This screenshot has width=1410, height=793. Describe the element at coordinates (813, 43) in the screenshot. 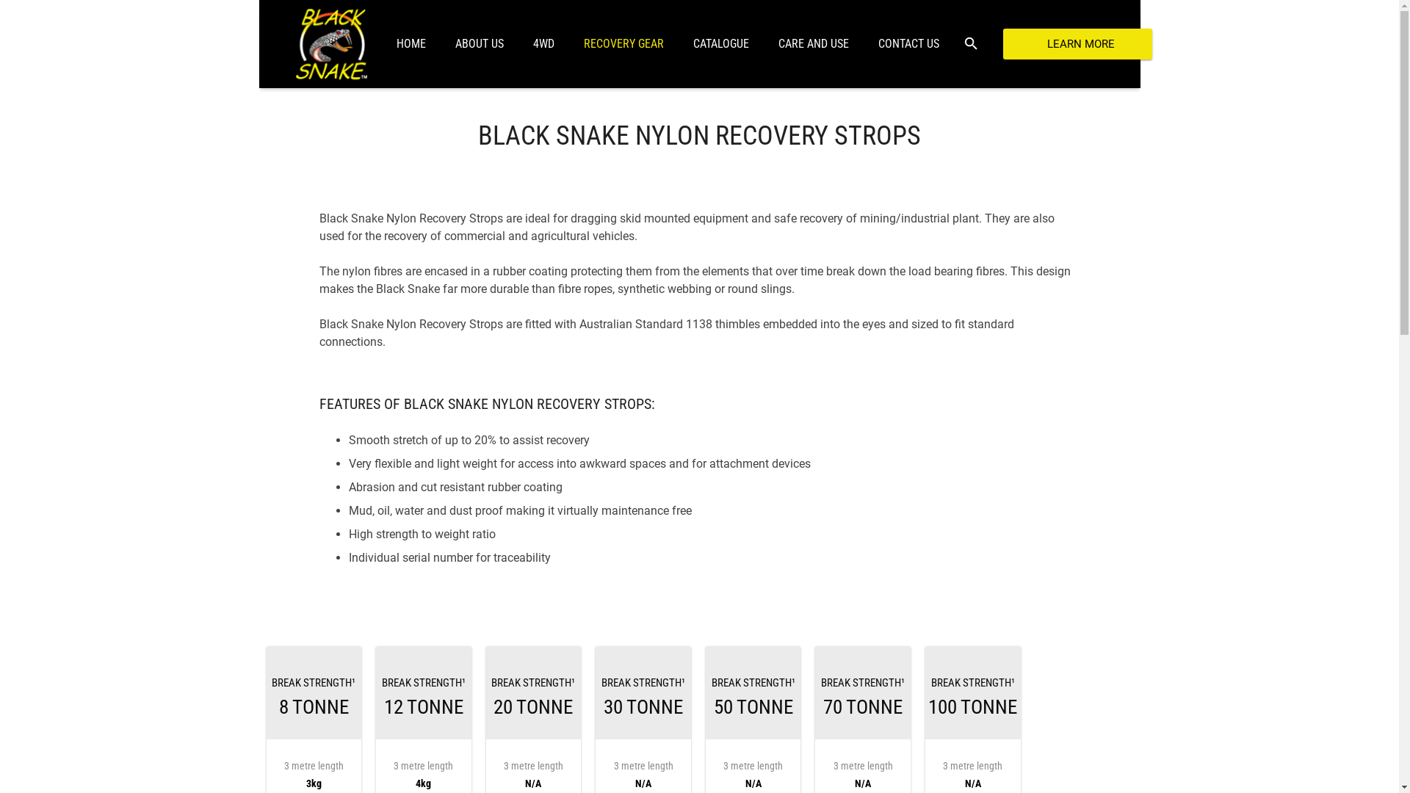

I see `'CARE AND USE'` at that location.